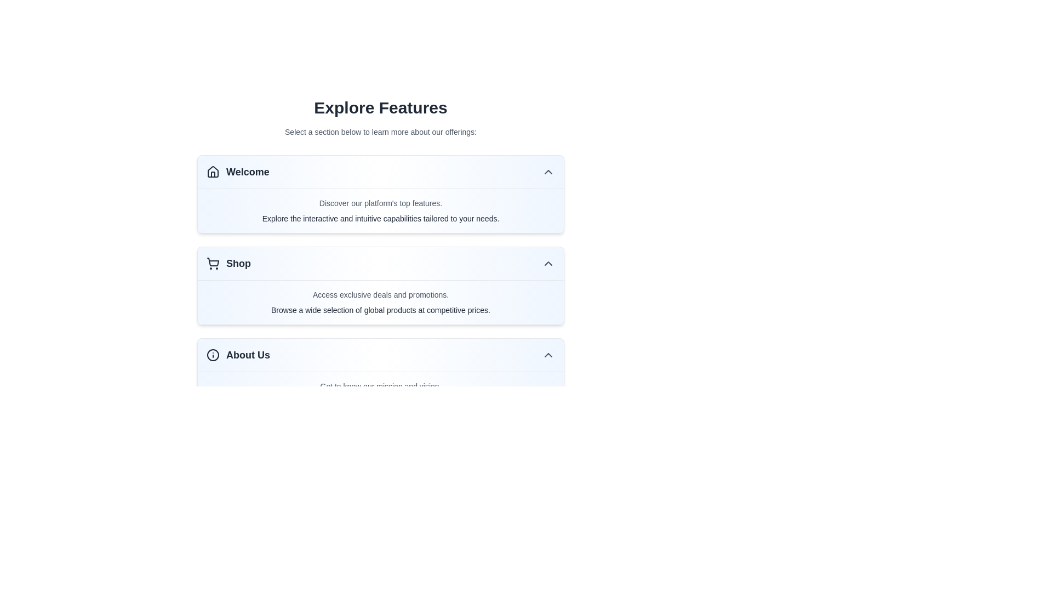 This screenshot has height=592, width=1052. What do you see at coordinates (381, 302) in the screenshot?
I see `the text block that contains 'Access exclusive deals and promotions.' and 'Browse a wide selection of global products at competitive prices.' located in the 'Shop' section` at bounding box center [381, 302].